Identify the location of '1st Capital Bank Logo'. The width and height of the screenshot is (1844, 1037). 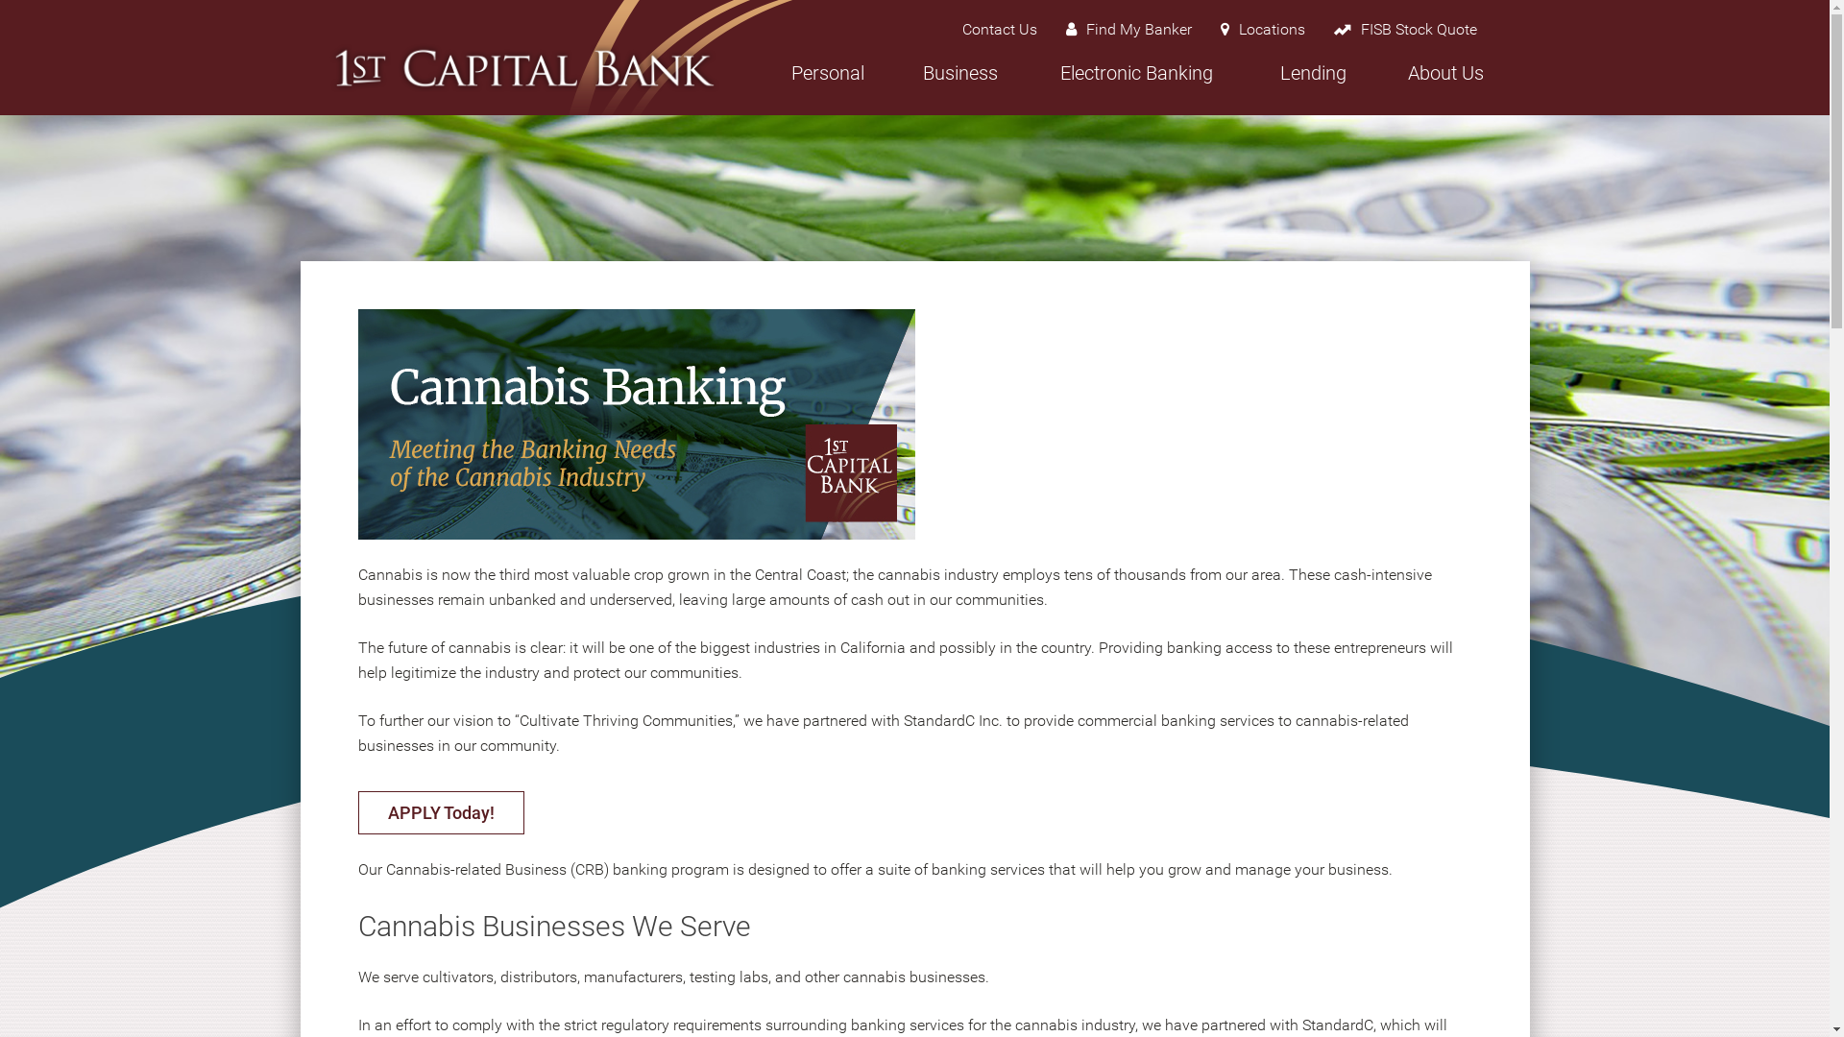
(523, 66).